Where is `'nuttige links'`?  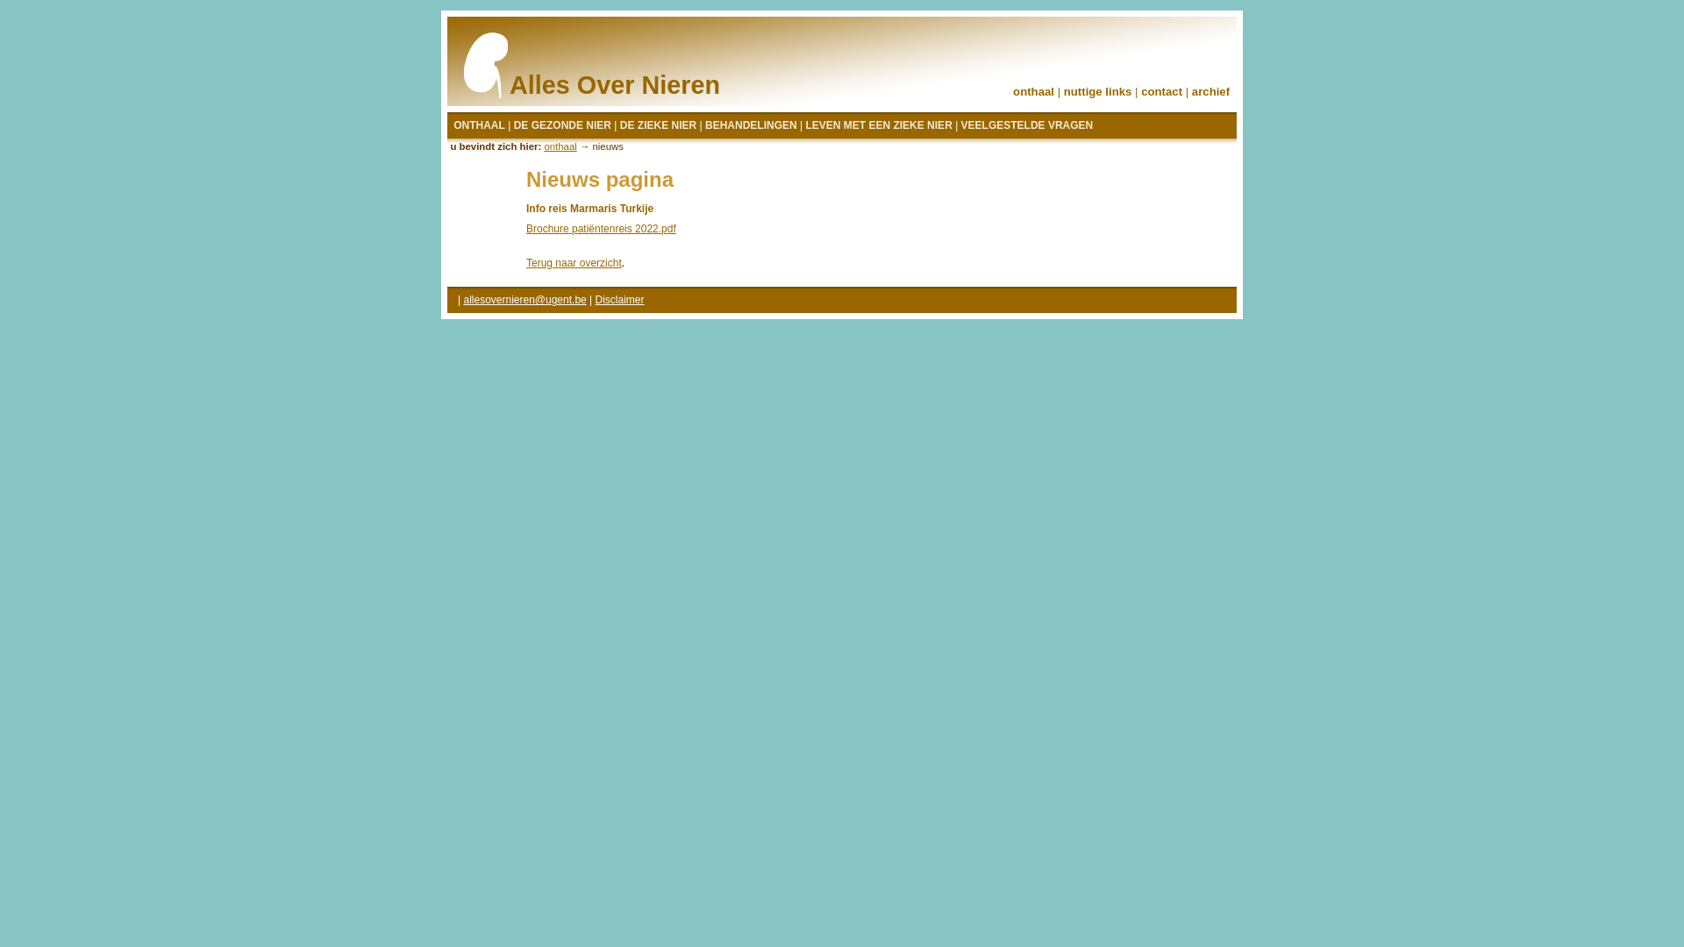
'nuttige links' is located at coordinates (1063, 91).